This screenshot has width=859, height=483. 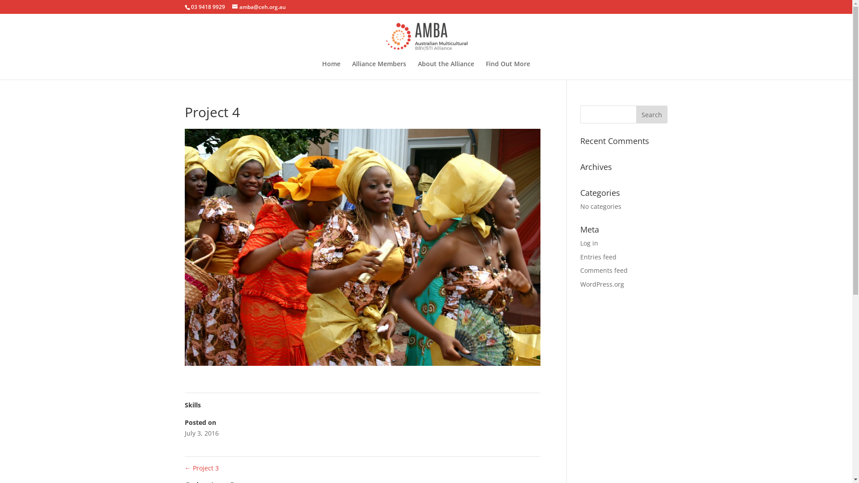 What do you see at coordinates (652, 114) in the screenshot?
I see `'Search'` at bounding box center [652, 114].